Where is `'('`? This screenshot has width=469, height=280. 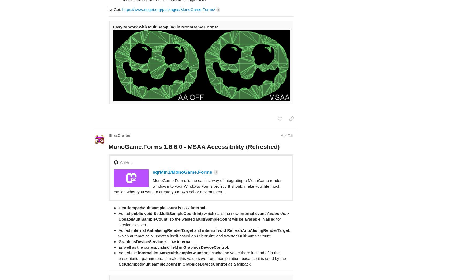
'(' is located at coordinates (193, 275).